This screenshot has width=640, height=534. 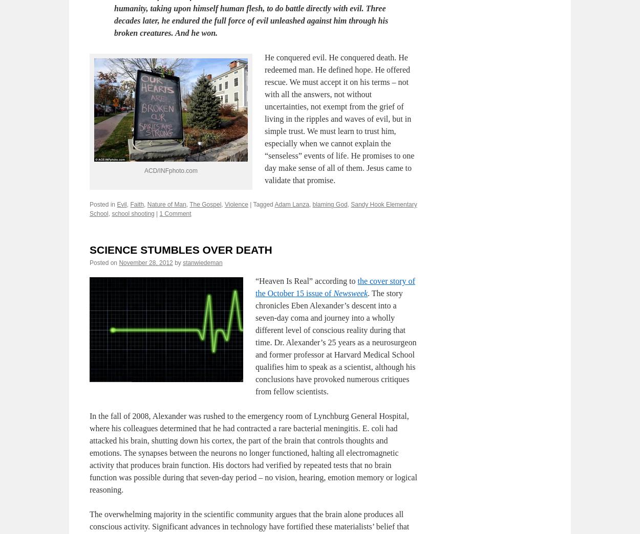 I want to click on '“Heaven Is Real” according to', so click(x=306, y=330).